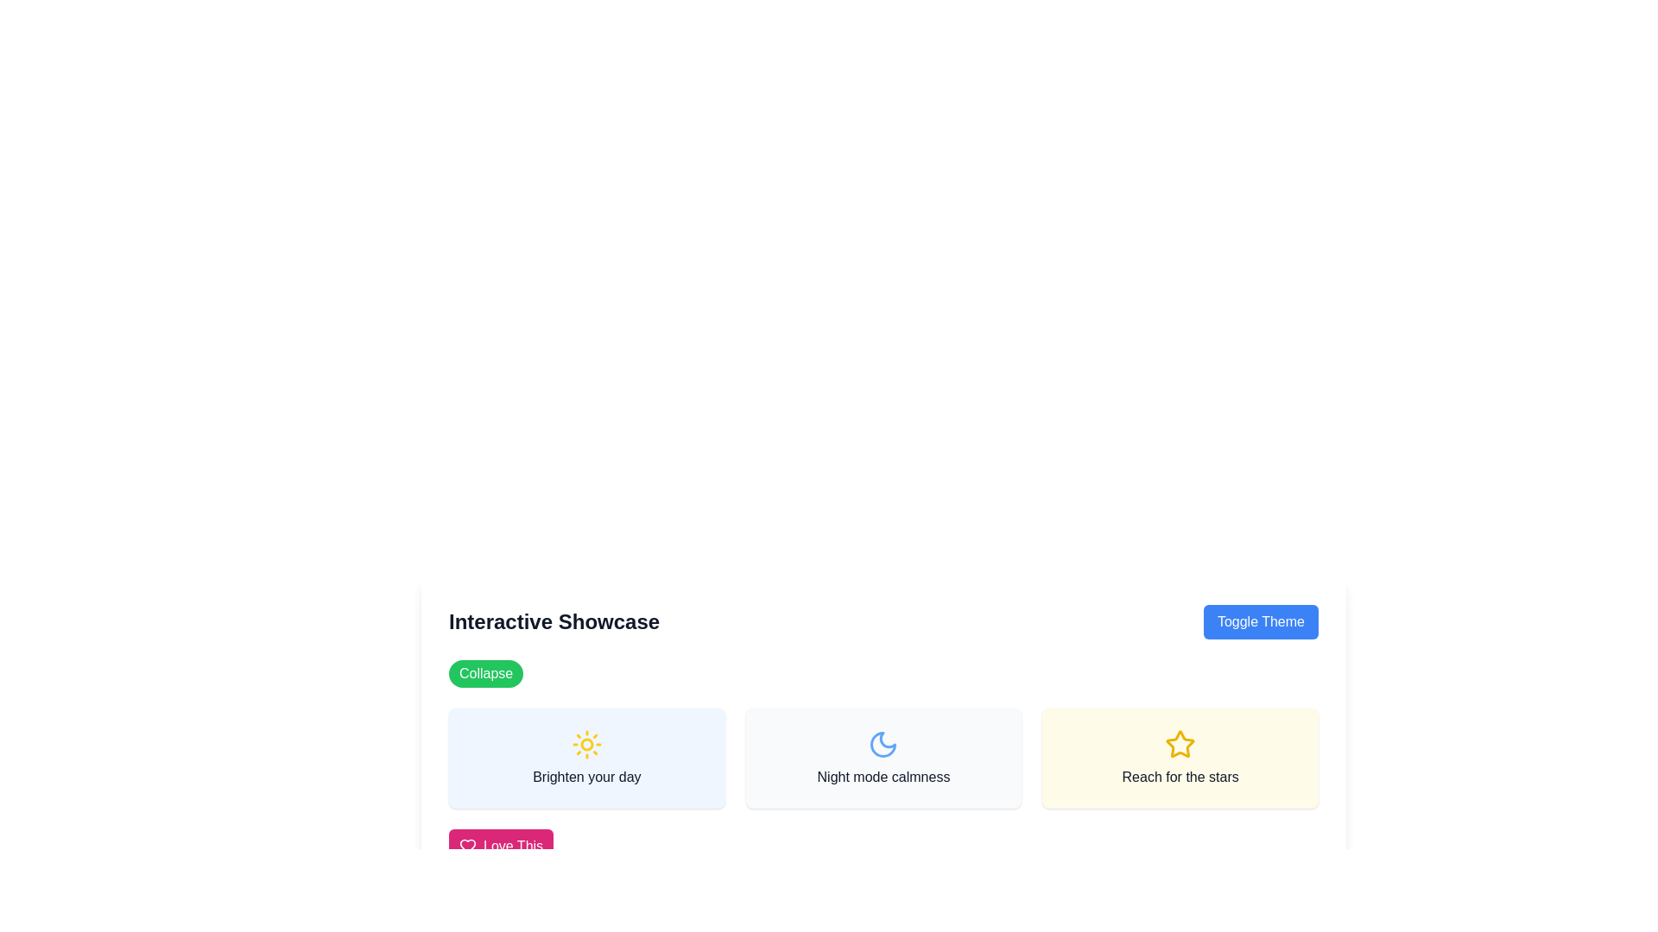 This screenshot has width=1658, height=932. What do you see at coordinates (484, 672) in the screenshot?
I see `the 'Collapse' button with rounded corners, bright green background, and white text` at bounding box center [484, 672].